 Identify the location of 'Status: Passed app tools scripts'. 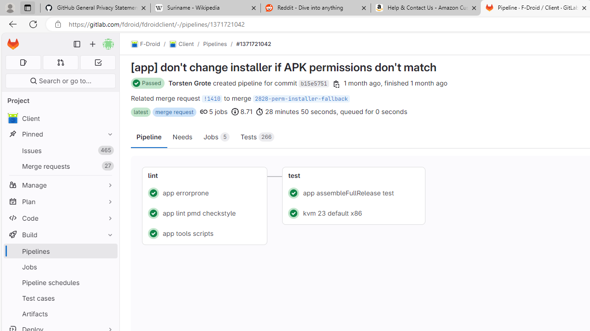
(204, 233).